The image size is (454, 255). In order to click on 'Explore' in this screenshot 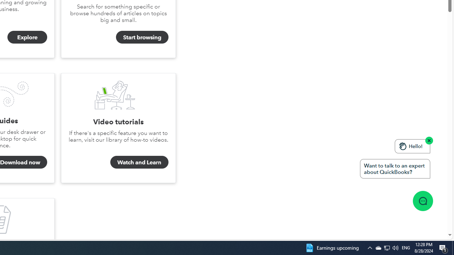, I will do `click(27, 37)`.